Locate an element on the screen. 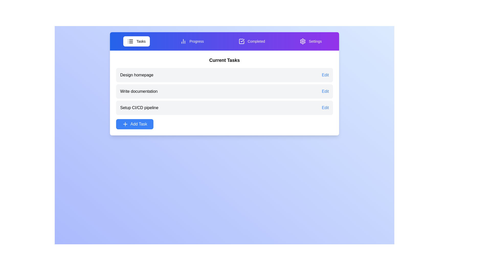 Image resolution: width=491 pixels, height=276 pixels. the blue text link labeled 'Edit' located on the right side of the task row titled 'Write documentation' is located at coordinates (325, 91).